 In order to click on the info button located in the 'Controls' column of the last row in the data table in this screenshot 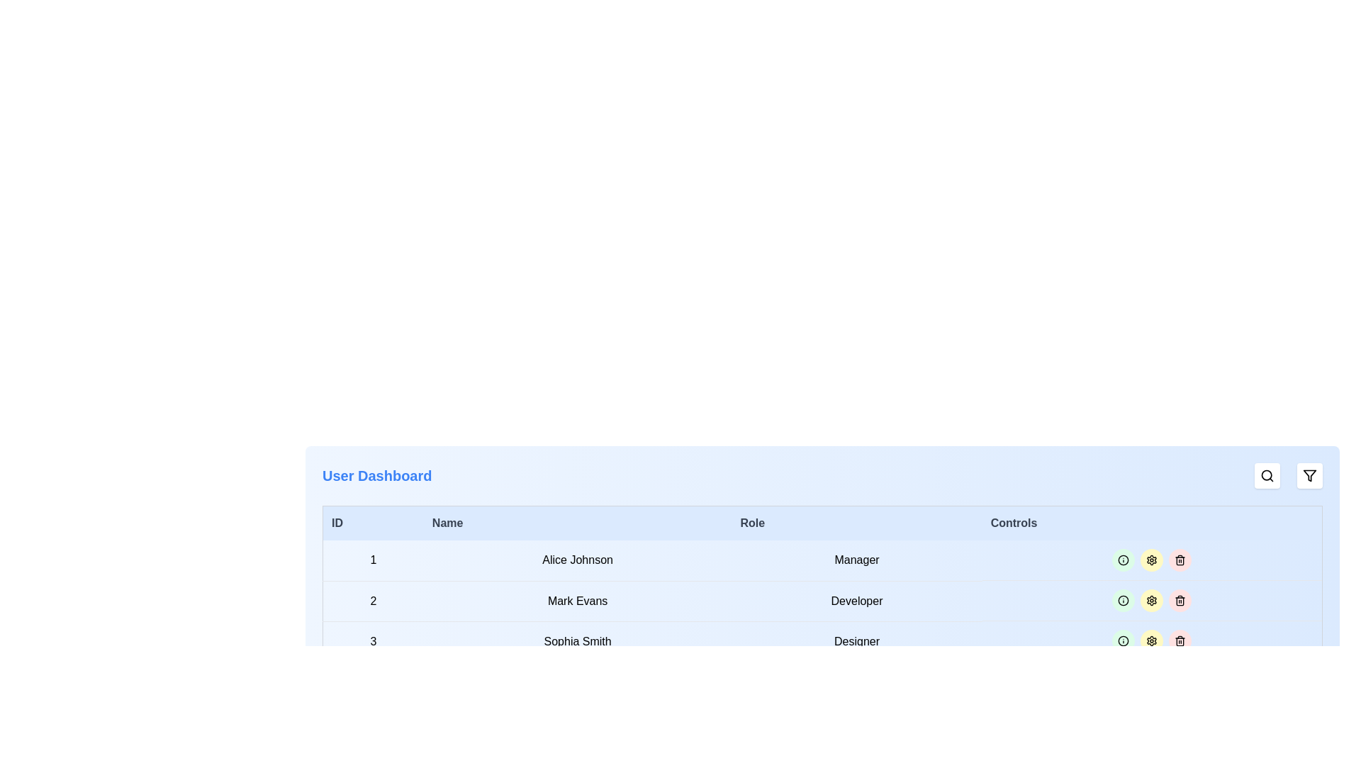, I will do `click(1123, 640)`.